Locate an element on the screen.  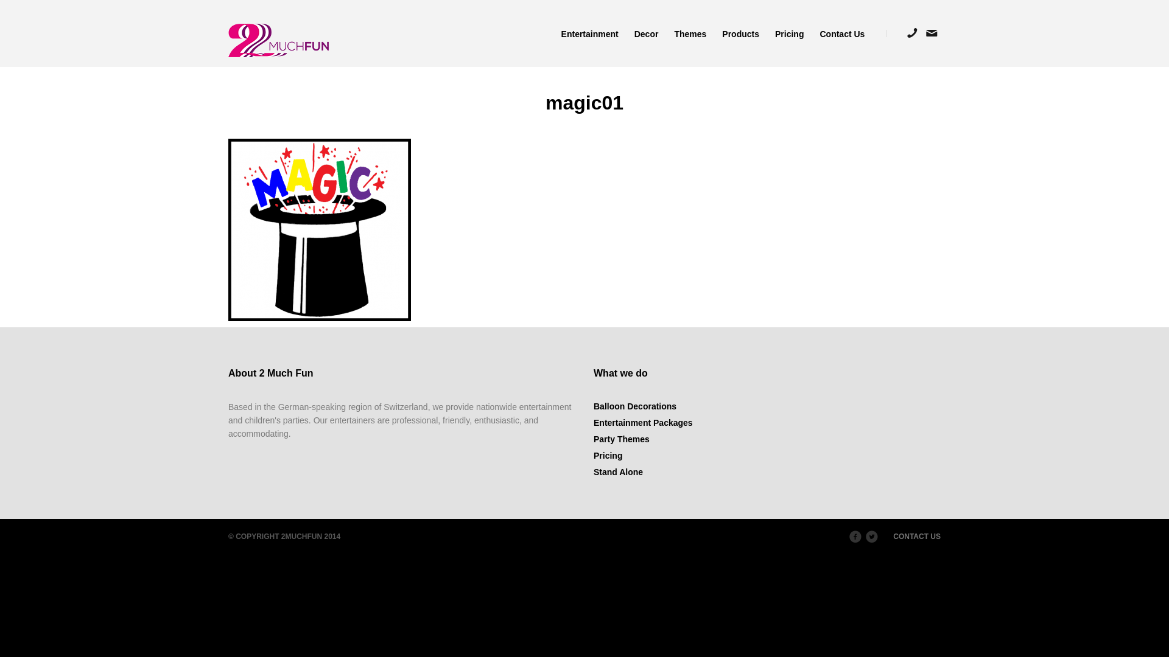
'Pricing' is located at coordinates (766, 32).